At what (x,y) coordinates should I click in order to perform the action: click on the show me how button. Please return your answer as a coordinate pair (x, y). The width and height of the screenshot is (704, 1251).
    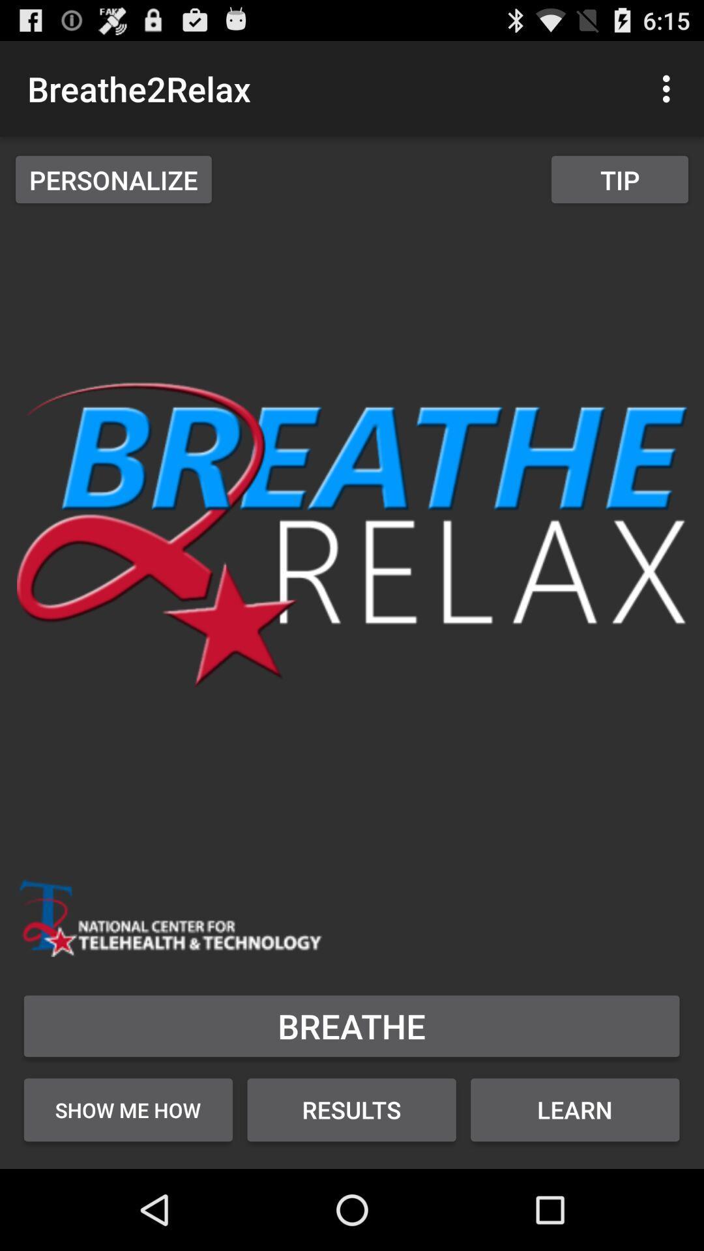
    Looking at the image, I should click on (128, 1109).